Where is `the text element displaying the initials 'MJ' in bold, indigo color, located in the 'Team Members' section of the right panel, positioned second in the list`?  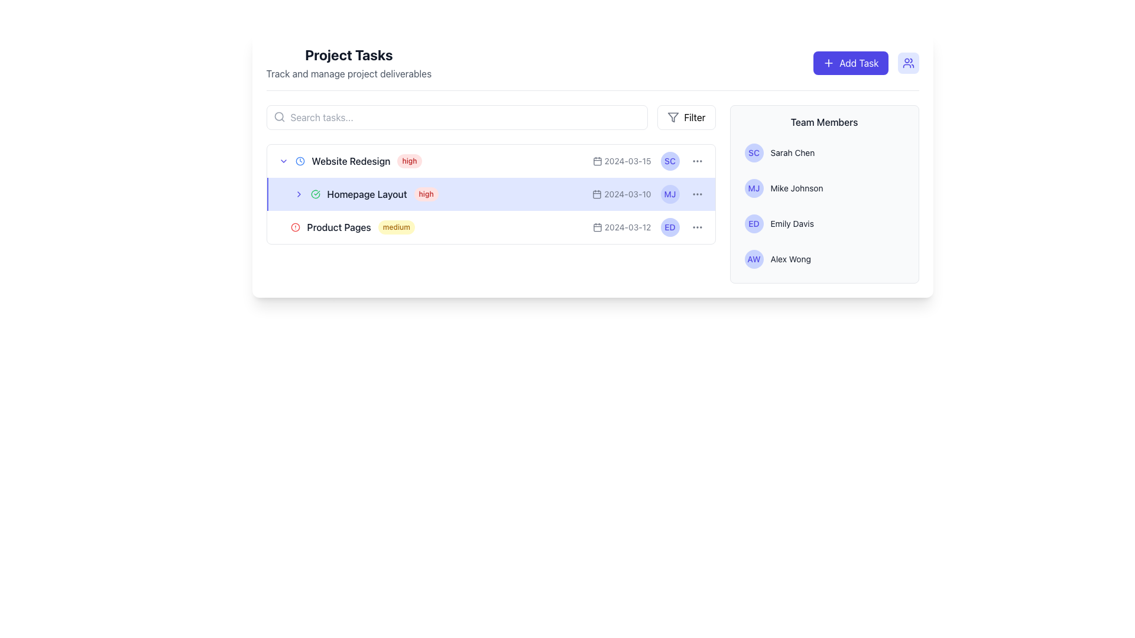
the text element displaying the initials 'MJ' in bold, indigo color, located in the 'Team Members' section of the right panel, positioned second in the list is located at coordinates (753, 188).